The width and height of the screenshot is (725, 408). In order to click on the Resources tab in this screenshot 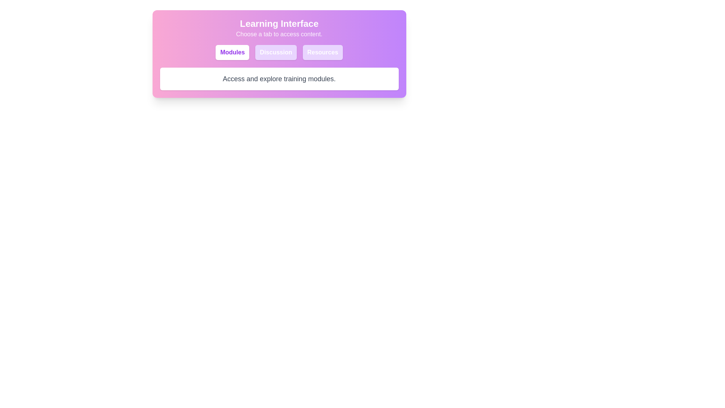, I will do `click(322, 52)`.